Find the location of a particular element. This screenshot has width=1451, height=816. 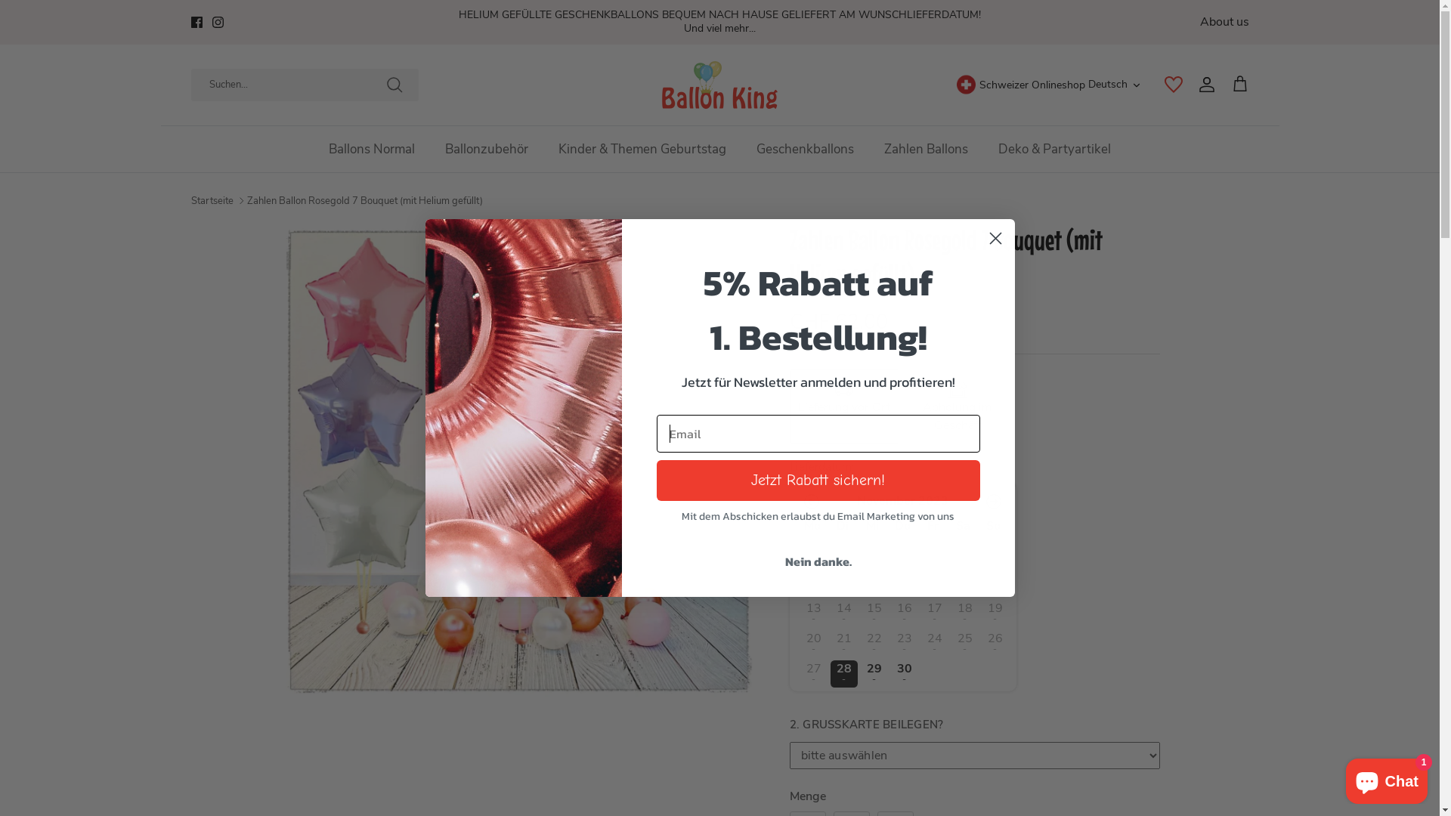

'Warenkorb' is located at coordinates (1230, 84).